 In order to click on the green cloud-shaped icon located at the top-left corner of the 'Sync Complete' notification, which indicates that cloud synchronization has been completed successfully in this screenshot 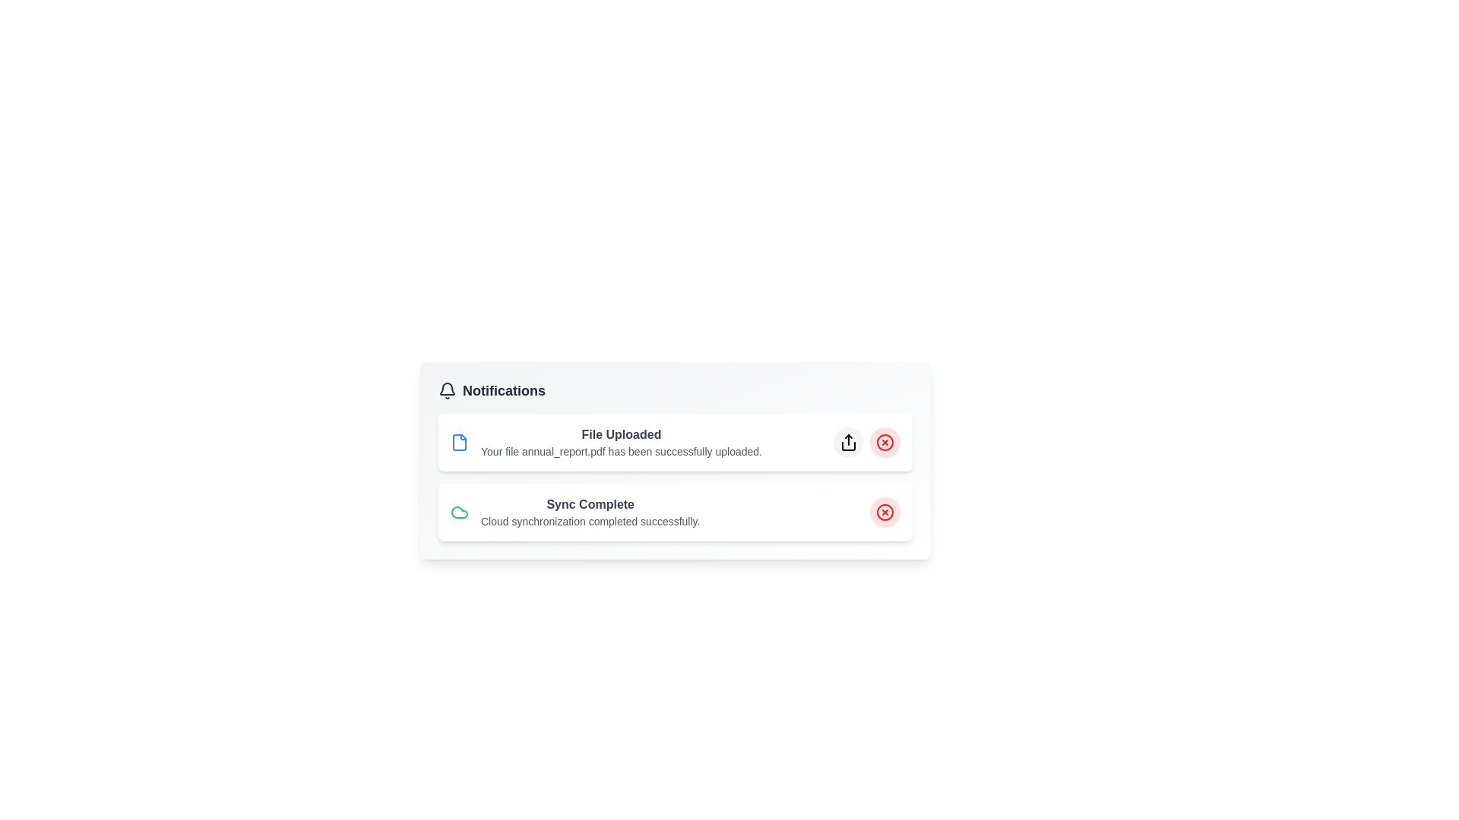, I will do `click(458, 512)`.